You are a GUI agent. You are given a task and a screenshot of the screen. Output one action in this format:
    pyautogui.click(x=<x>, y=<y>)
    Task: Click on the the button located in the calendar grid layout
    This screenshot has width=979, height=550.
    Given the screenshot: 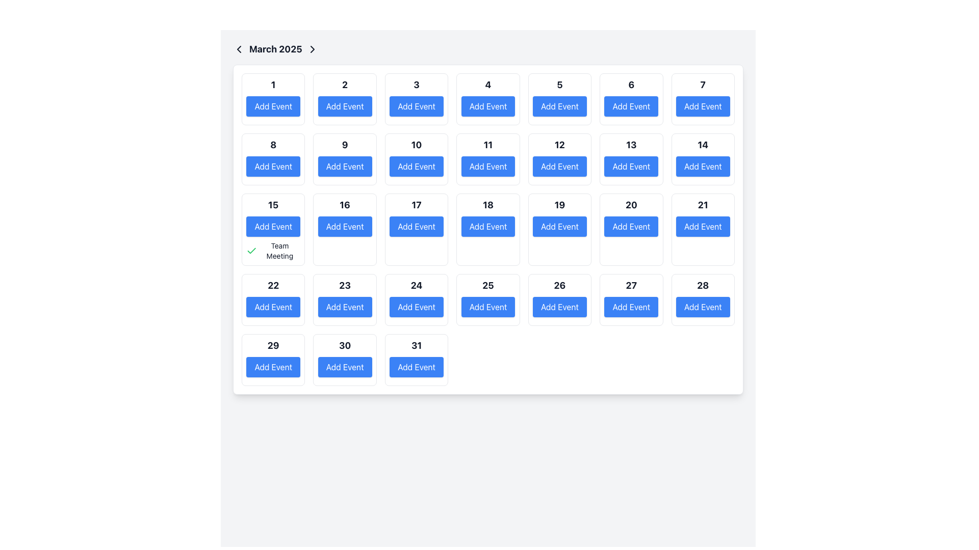 What is the action you would take?
    pyautogui.click(x=345, y=306)
    